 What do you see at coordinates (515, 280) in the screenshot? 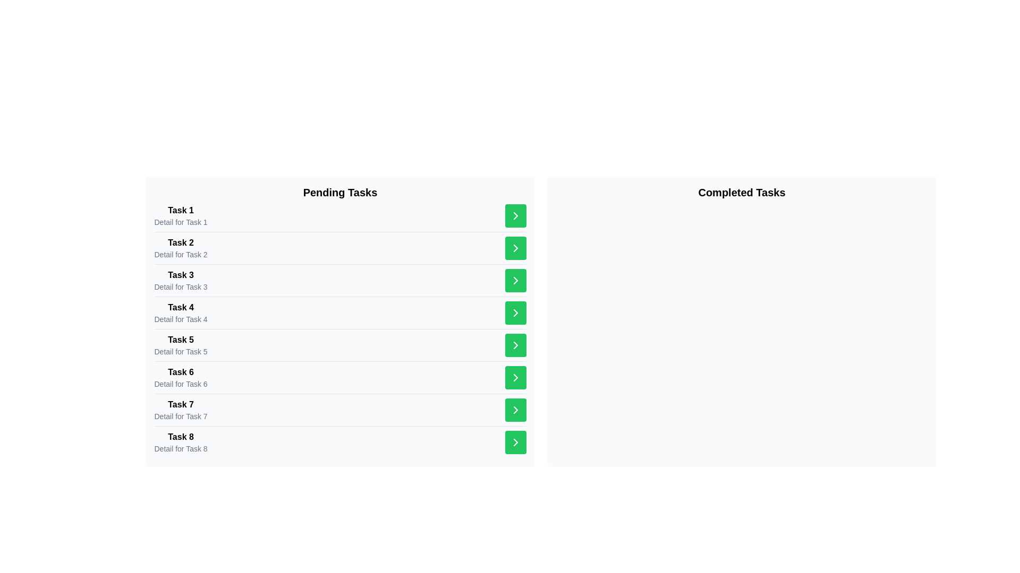
I see `the green chevron arrow icon located within the seventh item of the 'Pending Tasks' list` at bounding box center [515, 280].